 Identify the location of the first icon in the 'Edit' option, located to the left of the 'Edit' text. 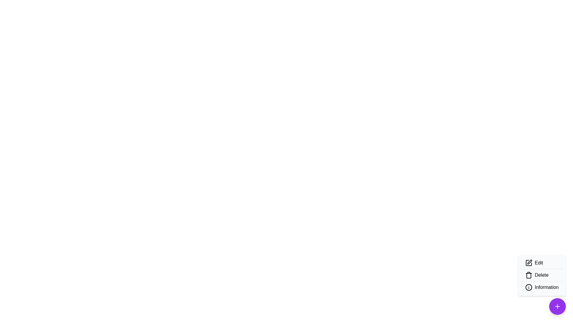
(529, 263).